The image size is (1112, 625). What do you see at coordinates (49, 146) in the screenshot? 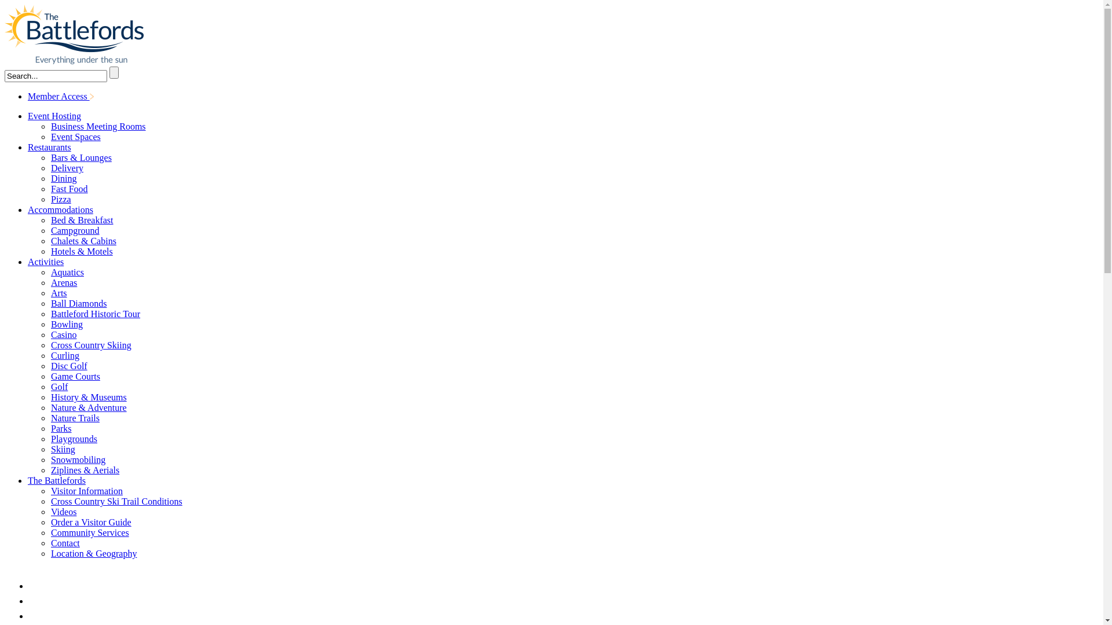
I see `'Restaurants'` at bounding box center [49, 146].